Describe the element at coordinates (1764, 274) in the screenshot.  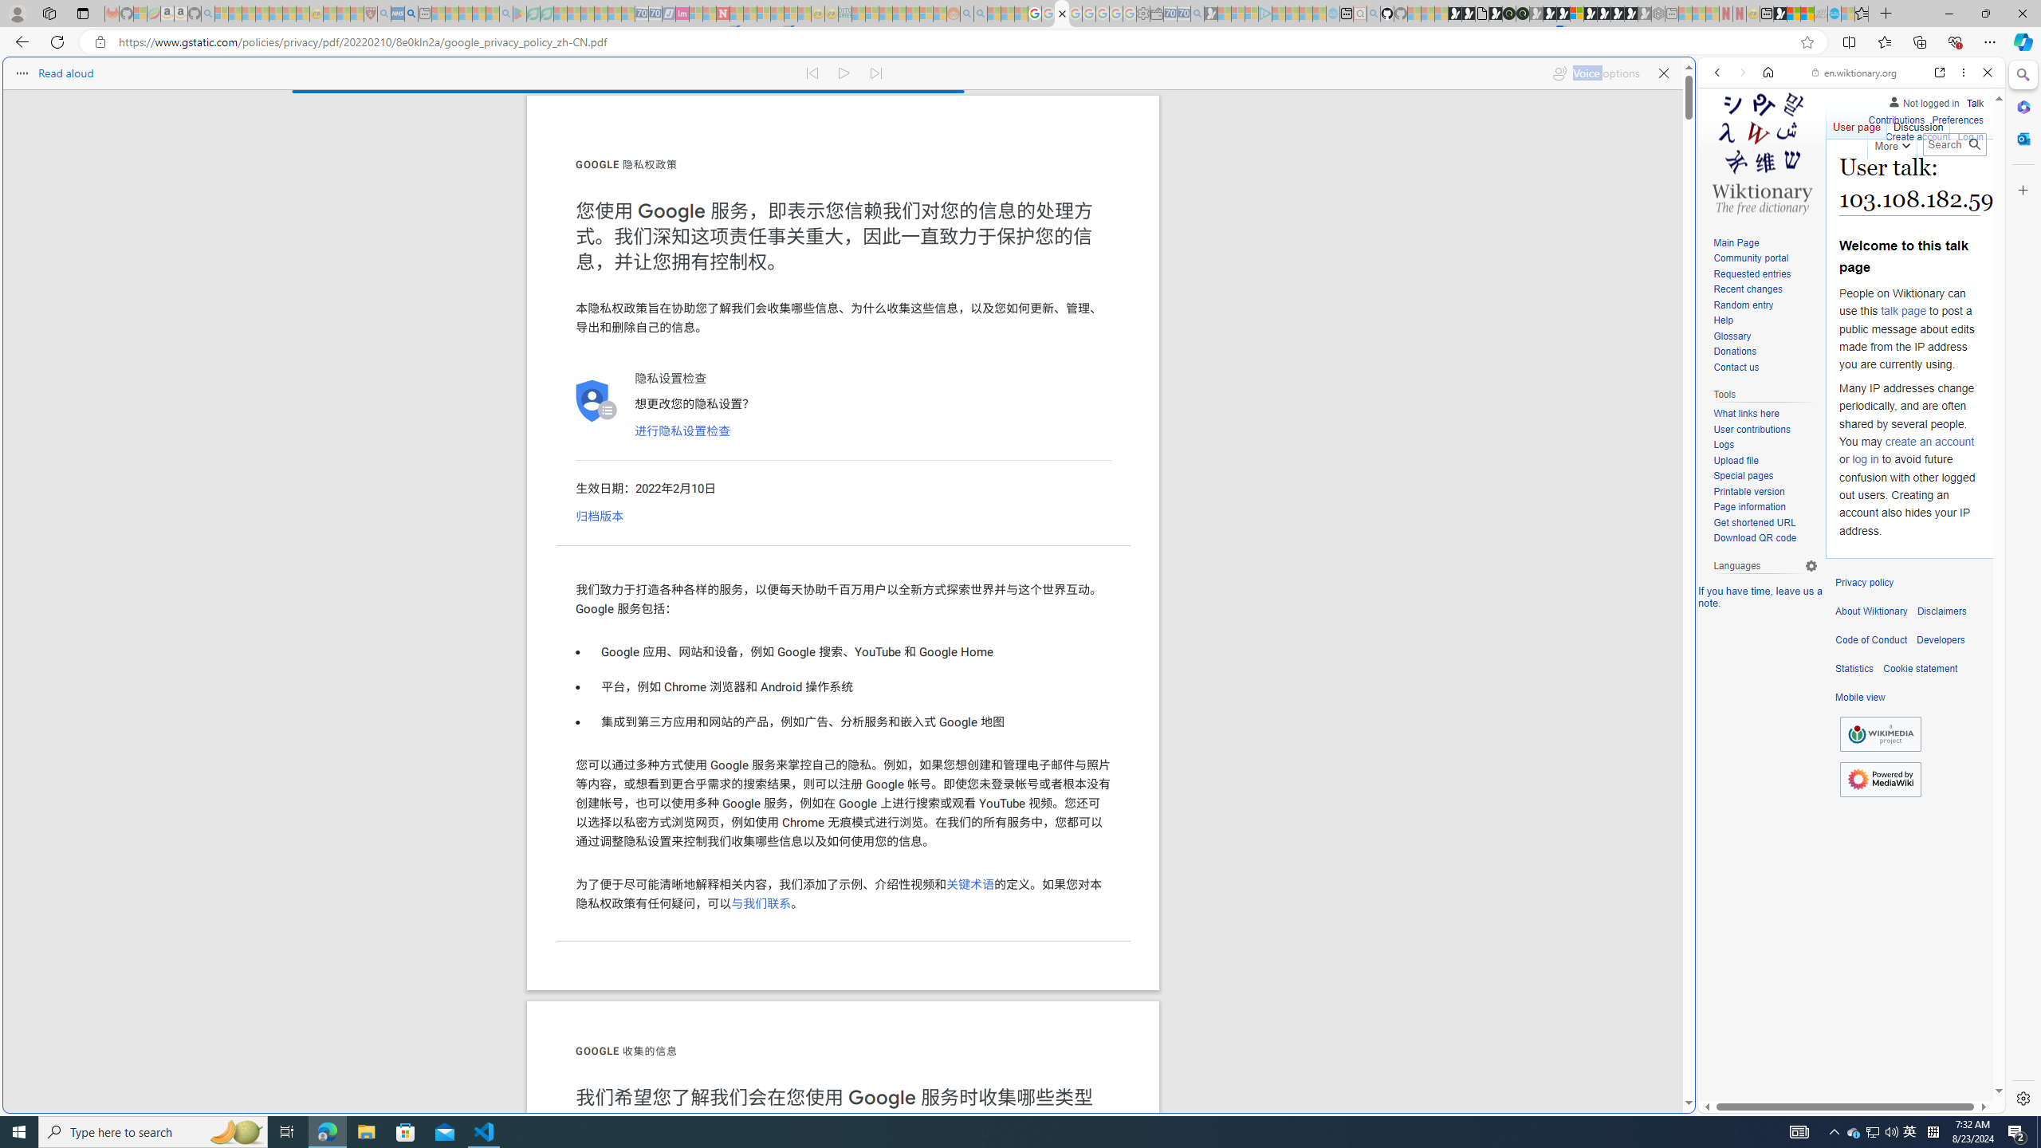
I see `'Requested entries'` at that location.